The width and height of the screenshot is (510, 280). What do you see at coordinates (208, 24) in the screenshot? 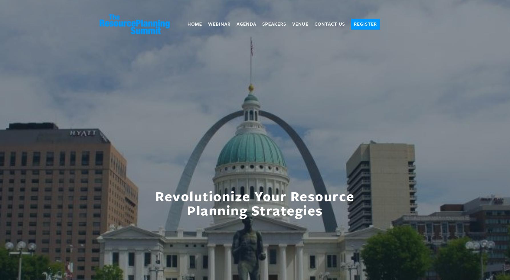
I see `'Webinar'` at bounding box center [208, 24].